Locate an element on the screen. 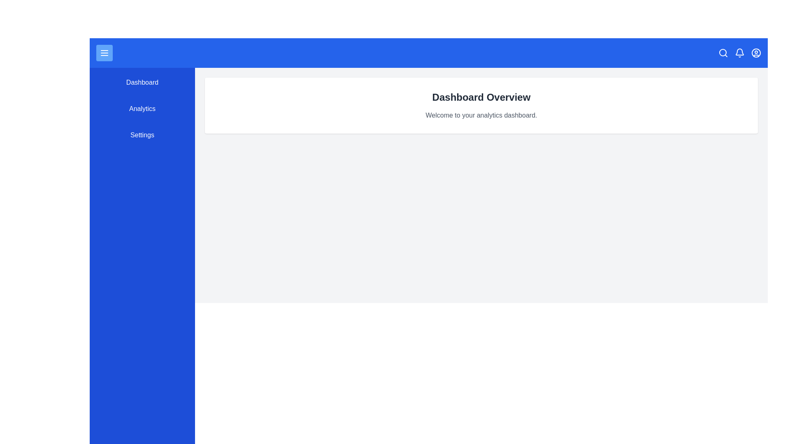  the navigation menu item Analytics is located at coordinates (142, 109).